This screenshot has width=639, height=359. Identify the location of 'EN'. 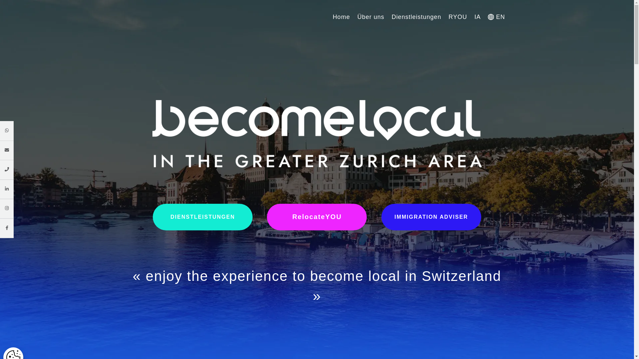
(496, 16).